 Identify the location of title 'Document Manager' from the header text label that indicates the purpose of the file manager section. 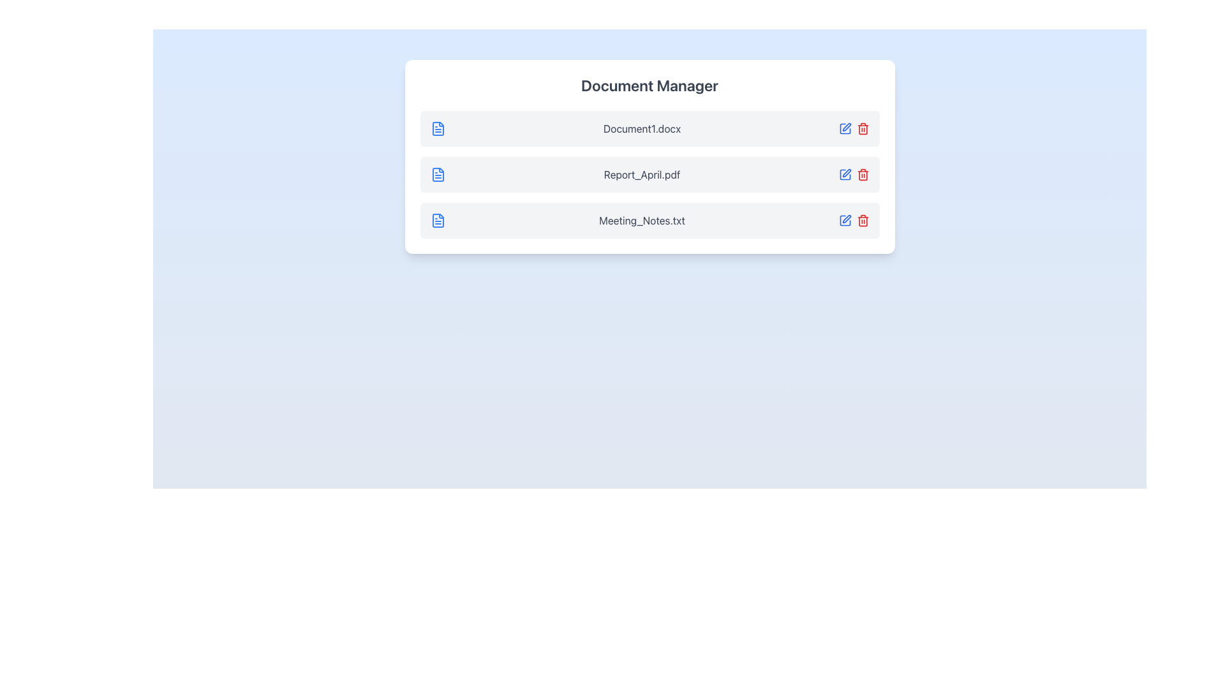
(650, 85).